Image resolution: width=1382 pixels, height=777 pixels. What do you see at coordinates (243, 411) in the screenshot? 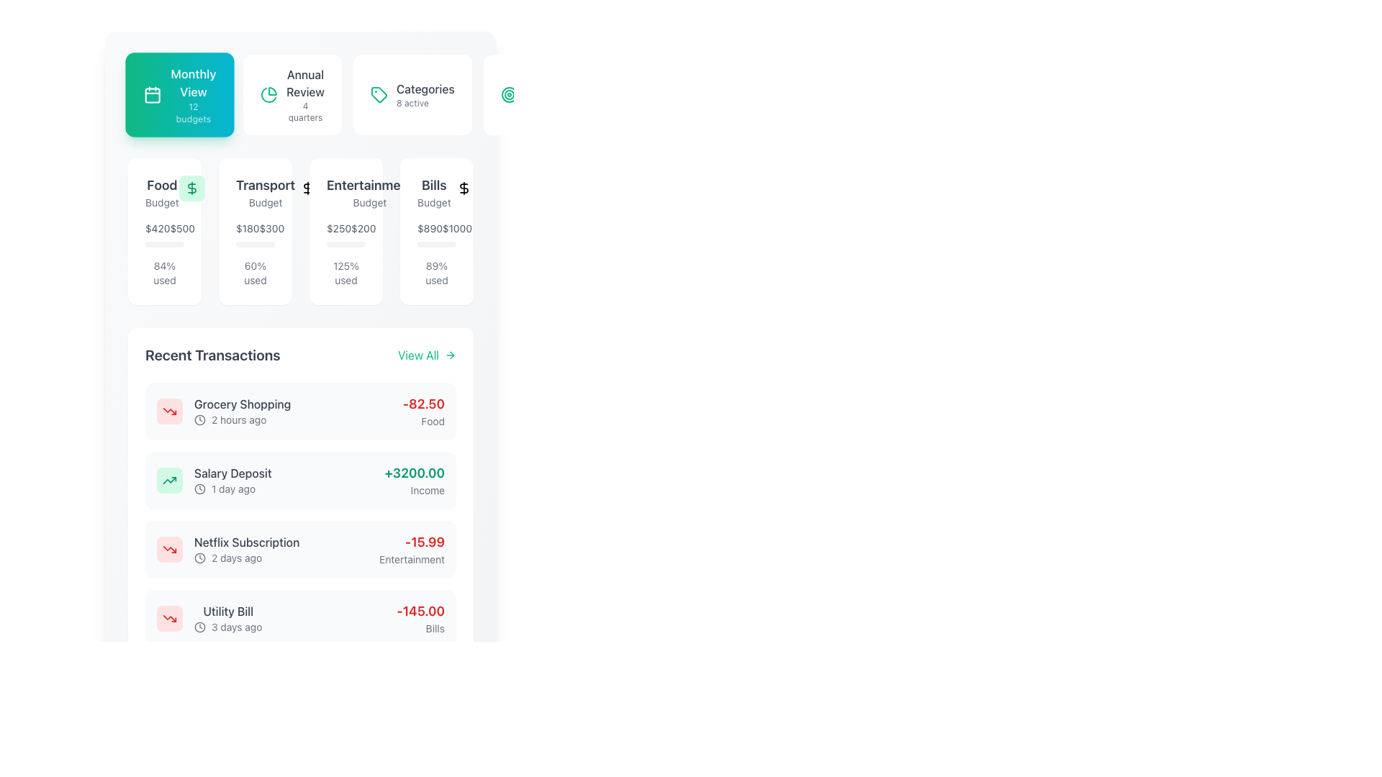
I see `the TextDisplay that shows the recent transaction labeled 'Grocery Shopping' located at the center of the 'Recent Transactions' section` at bounding box center [243, 411].